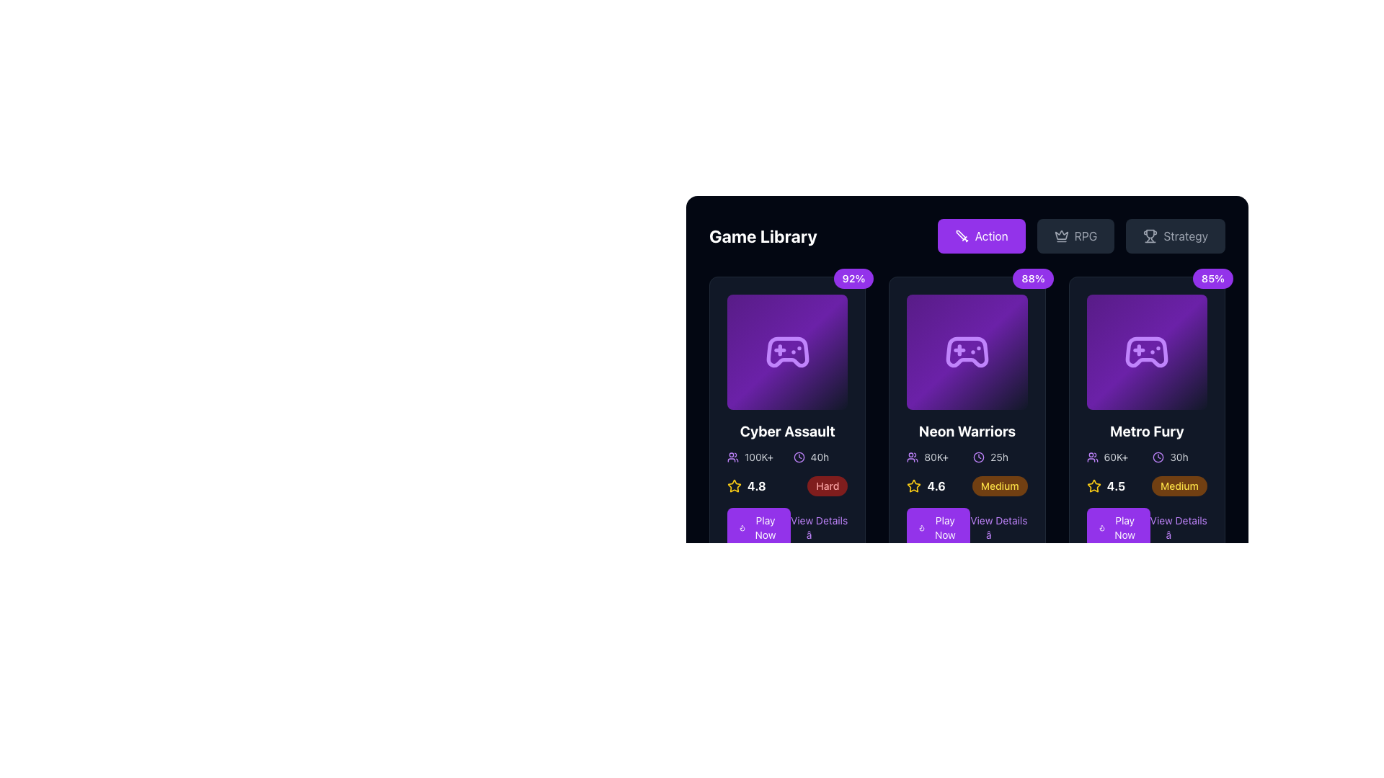  Describe the element at coordinates (939, 527) in the screenshot. I see `the purple 'Play Now' button with rounded corners and a flame icon, located in the bottom section of the 'Neon Warriors' card` at that location.